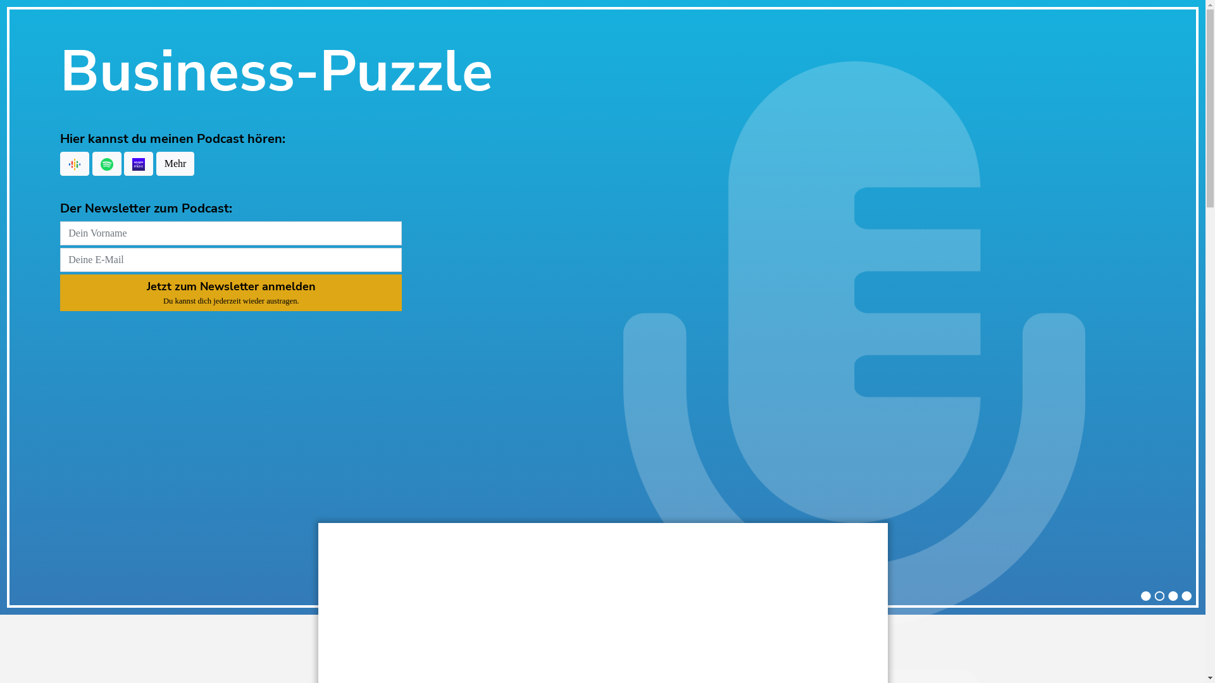  I want to click on 'Mehr', so click(155, 163).